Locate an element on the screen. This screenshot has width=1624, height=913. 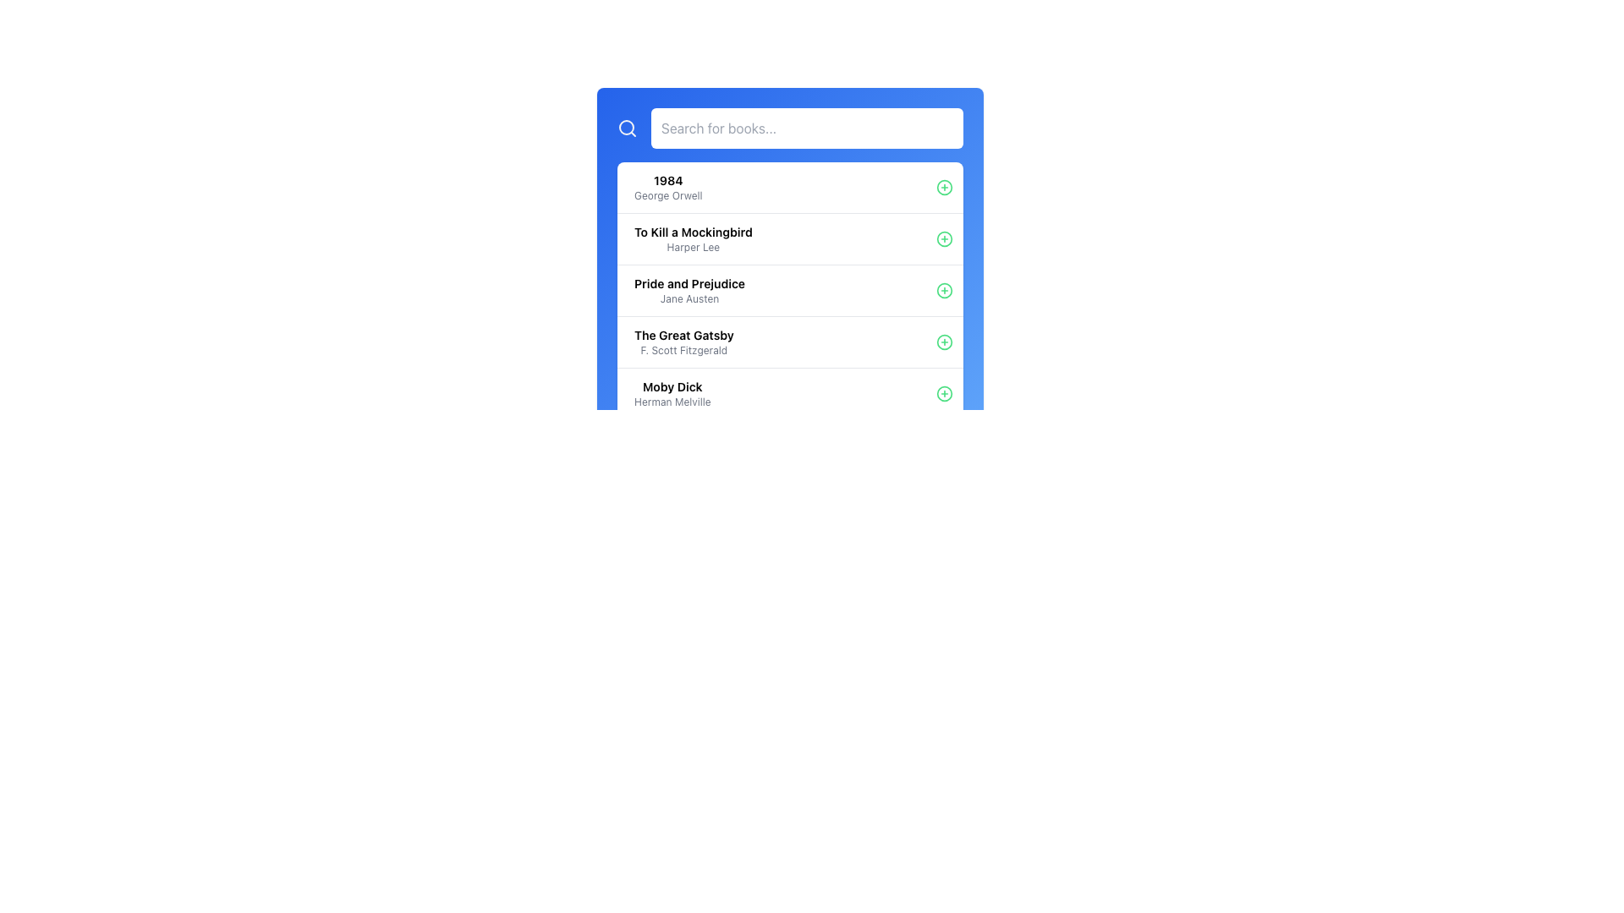
the text label displaying 'Pride and Prejudice', which is the upper text in a book search interface and is the third item in the book list is located at coordinates (689, 282).